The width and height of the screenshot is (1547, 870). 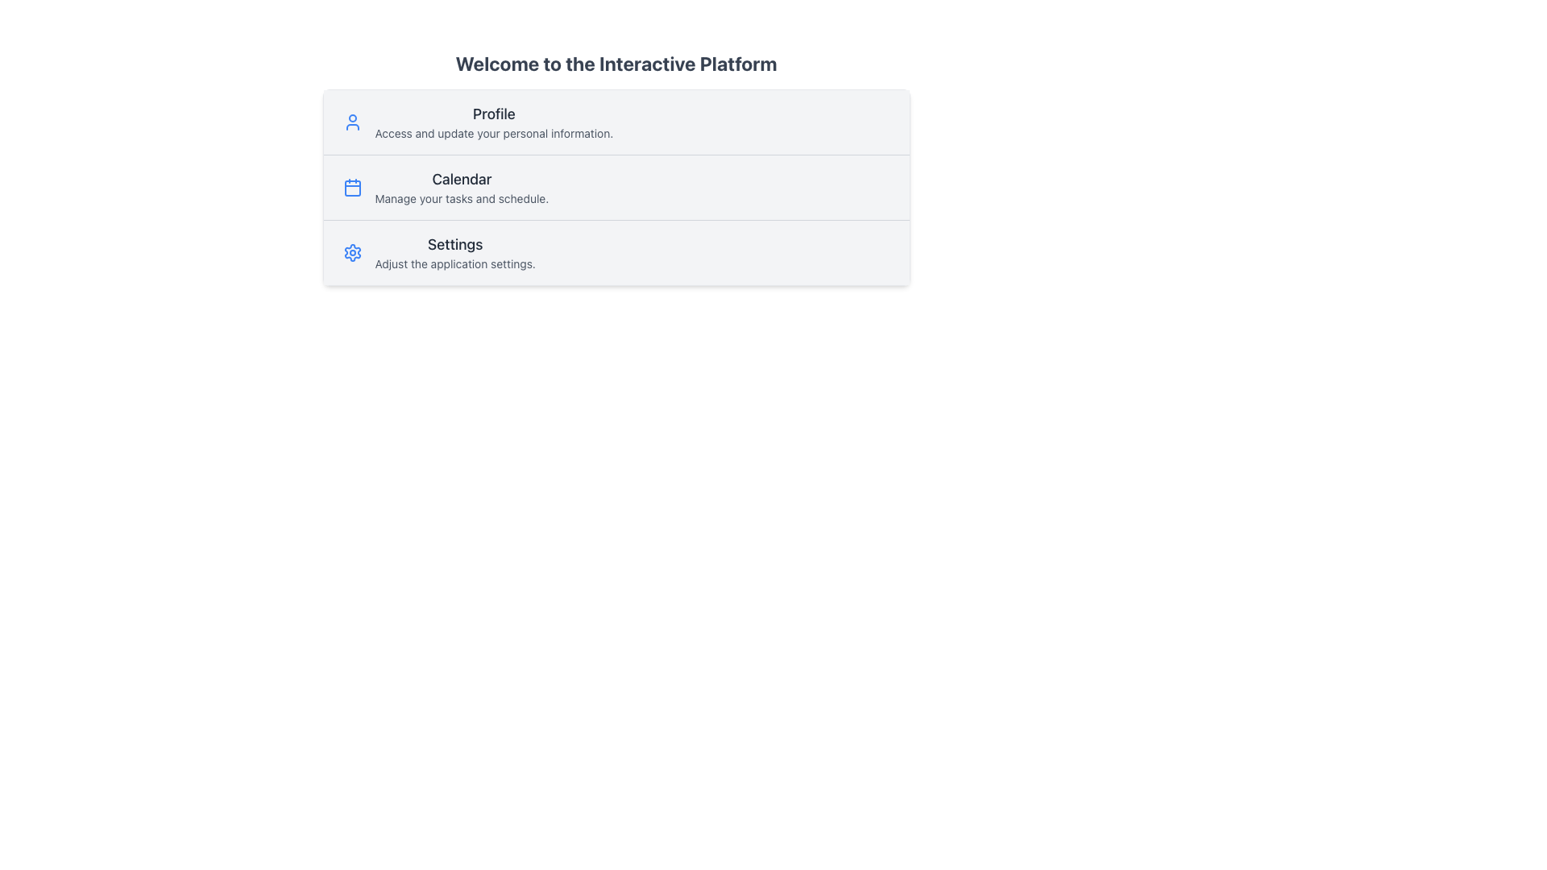 What do you see at coordinates (615, 252) in the screenshot?
I see `the third list item in the settings navigation list, located below the 'Calendar' item` at bounding box center [615, 252].